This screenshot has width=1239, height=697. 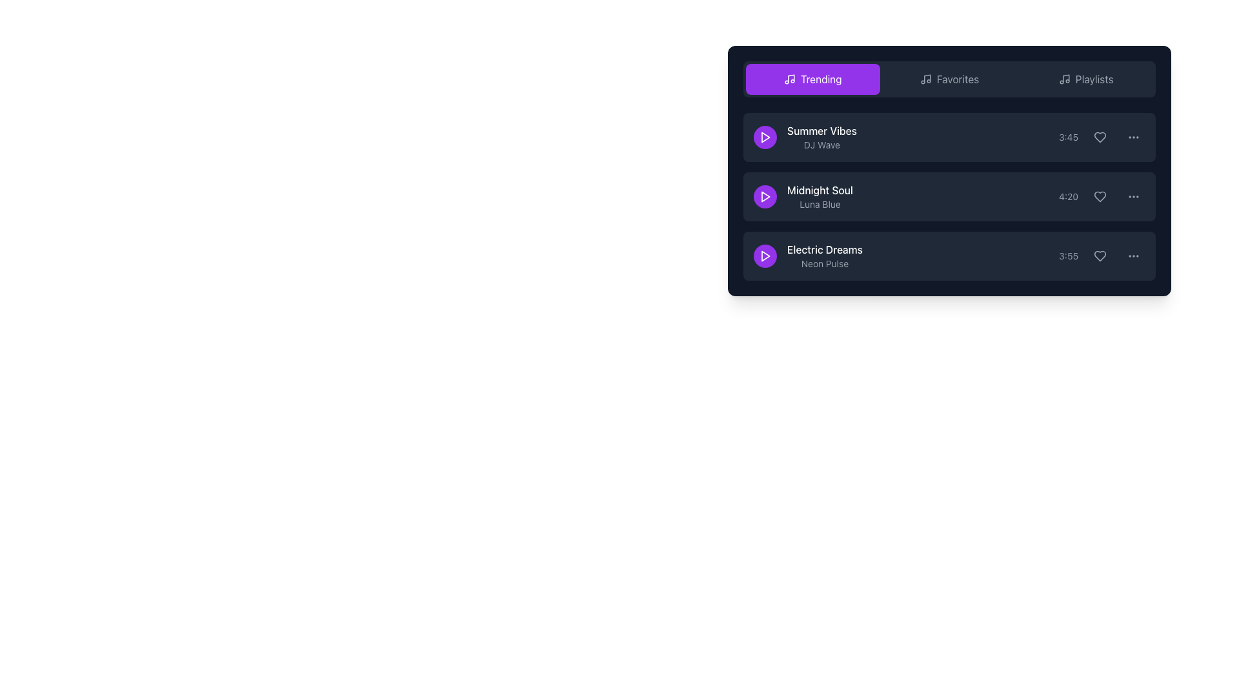 What do you see at coordinates (949, 196) in the screenshot?
I see `the second item in the playlist list, which is selectable and allows users` at bounding box center [949, 196].